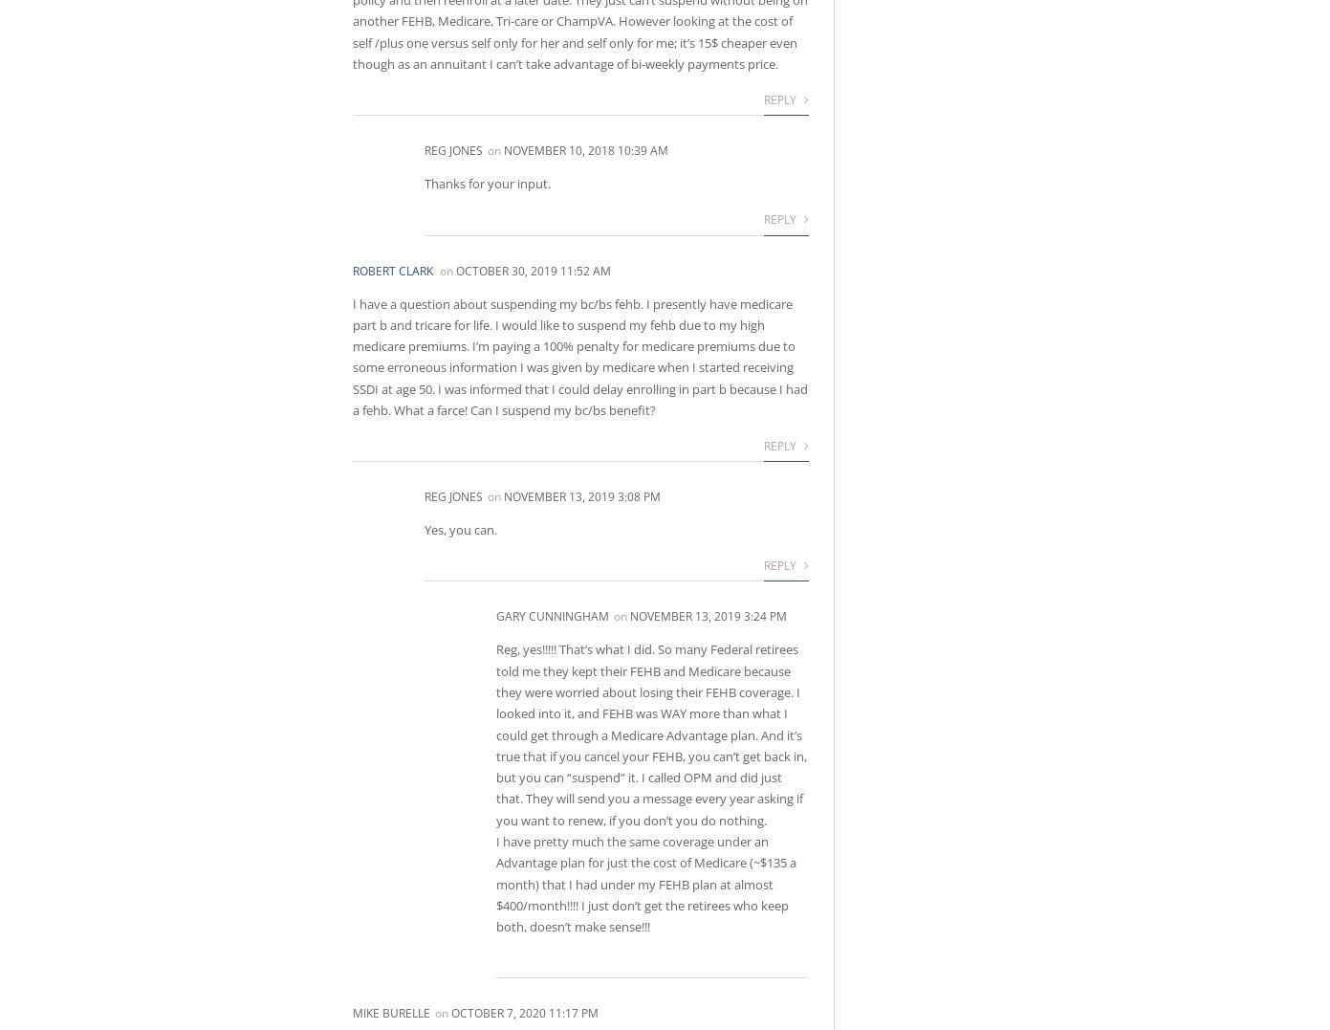 The height and width of the screenshot is (1030, 1330). What do you see at coordinates (551, 616) in the screenshot?
I see `'Gary Cunningham'` at bounding box center [551, 616].